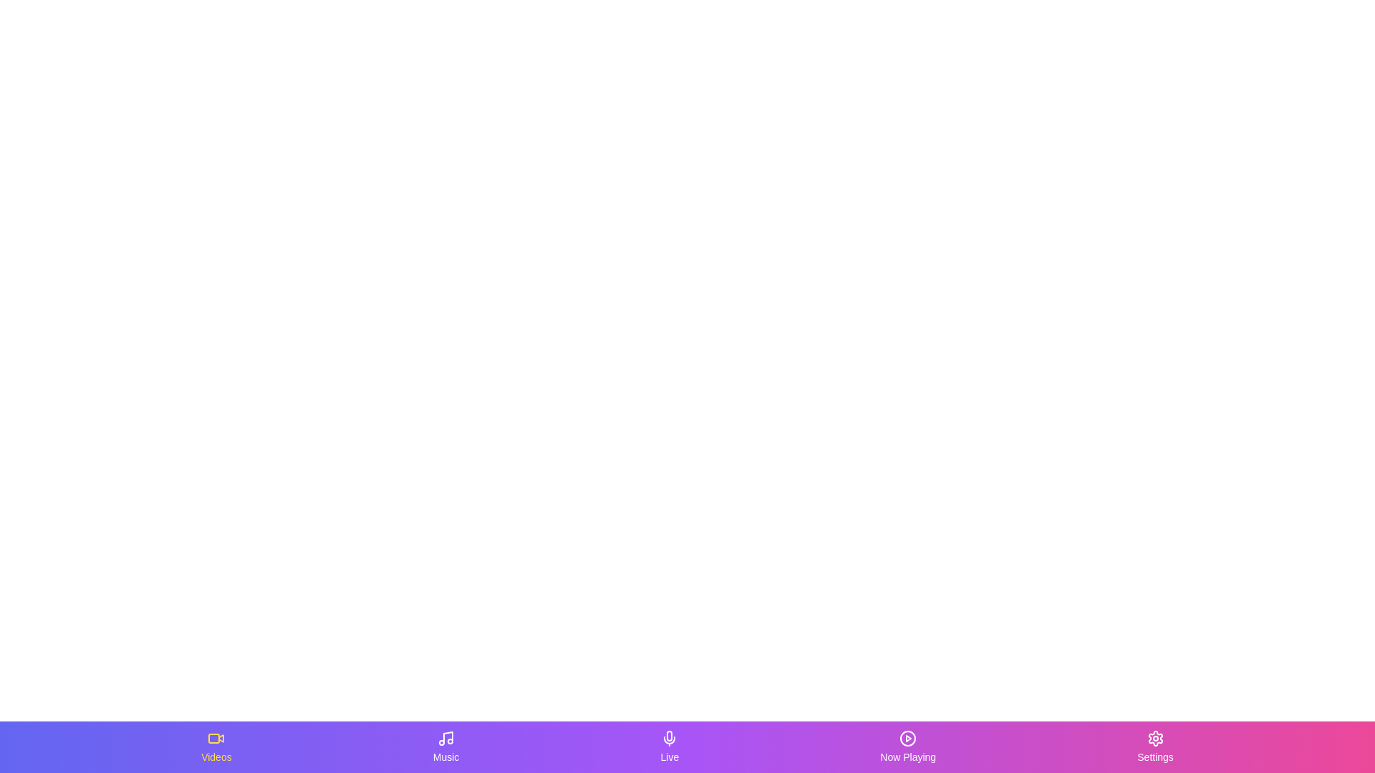 Image resolution: width=1375 pixels, height=773 pixels. What do you see at coordinates (907, 747) in the screenshot?
I see `the Now Playing tab in the bottom navigation bar` at bounding box center [907, 747].